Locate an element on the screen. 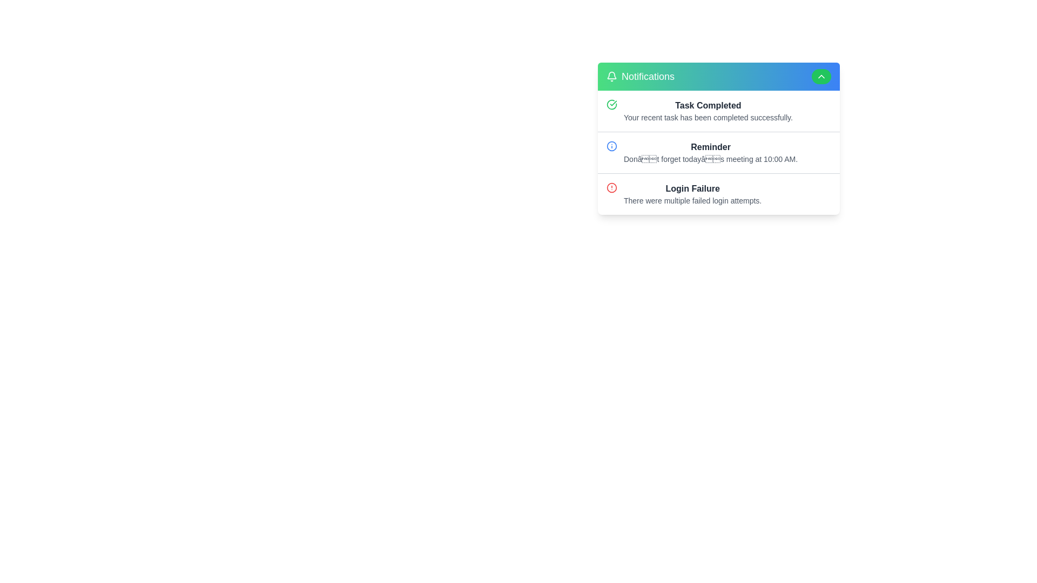  the circular information icon with a blue stroke located in the 'Reminder' notification above the text 'Don’t forget today’s meeting at 10:00 AM.' is located at coordinates (611, 146).